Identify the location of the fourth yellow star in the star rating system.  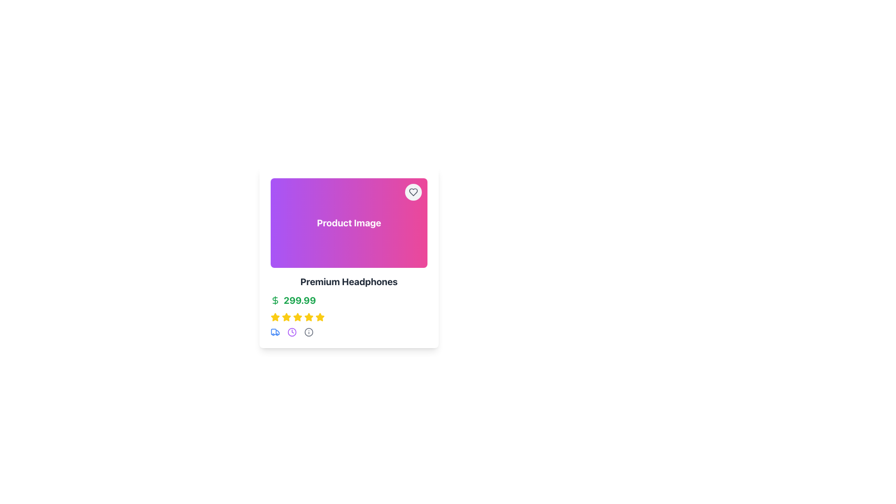
(275, 316).